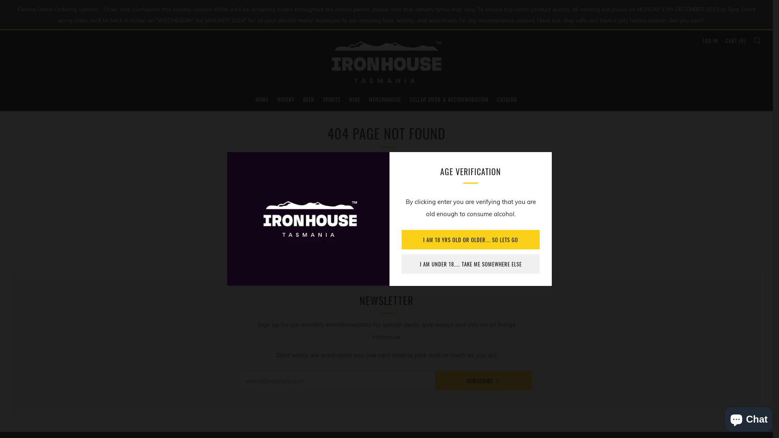  Describe the element at coordinates (471, 264) in the screenshot. I see `'I AM UNDER 18..... TAKE ME SOMEWHERE ELSE'` at that location.